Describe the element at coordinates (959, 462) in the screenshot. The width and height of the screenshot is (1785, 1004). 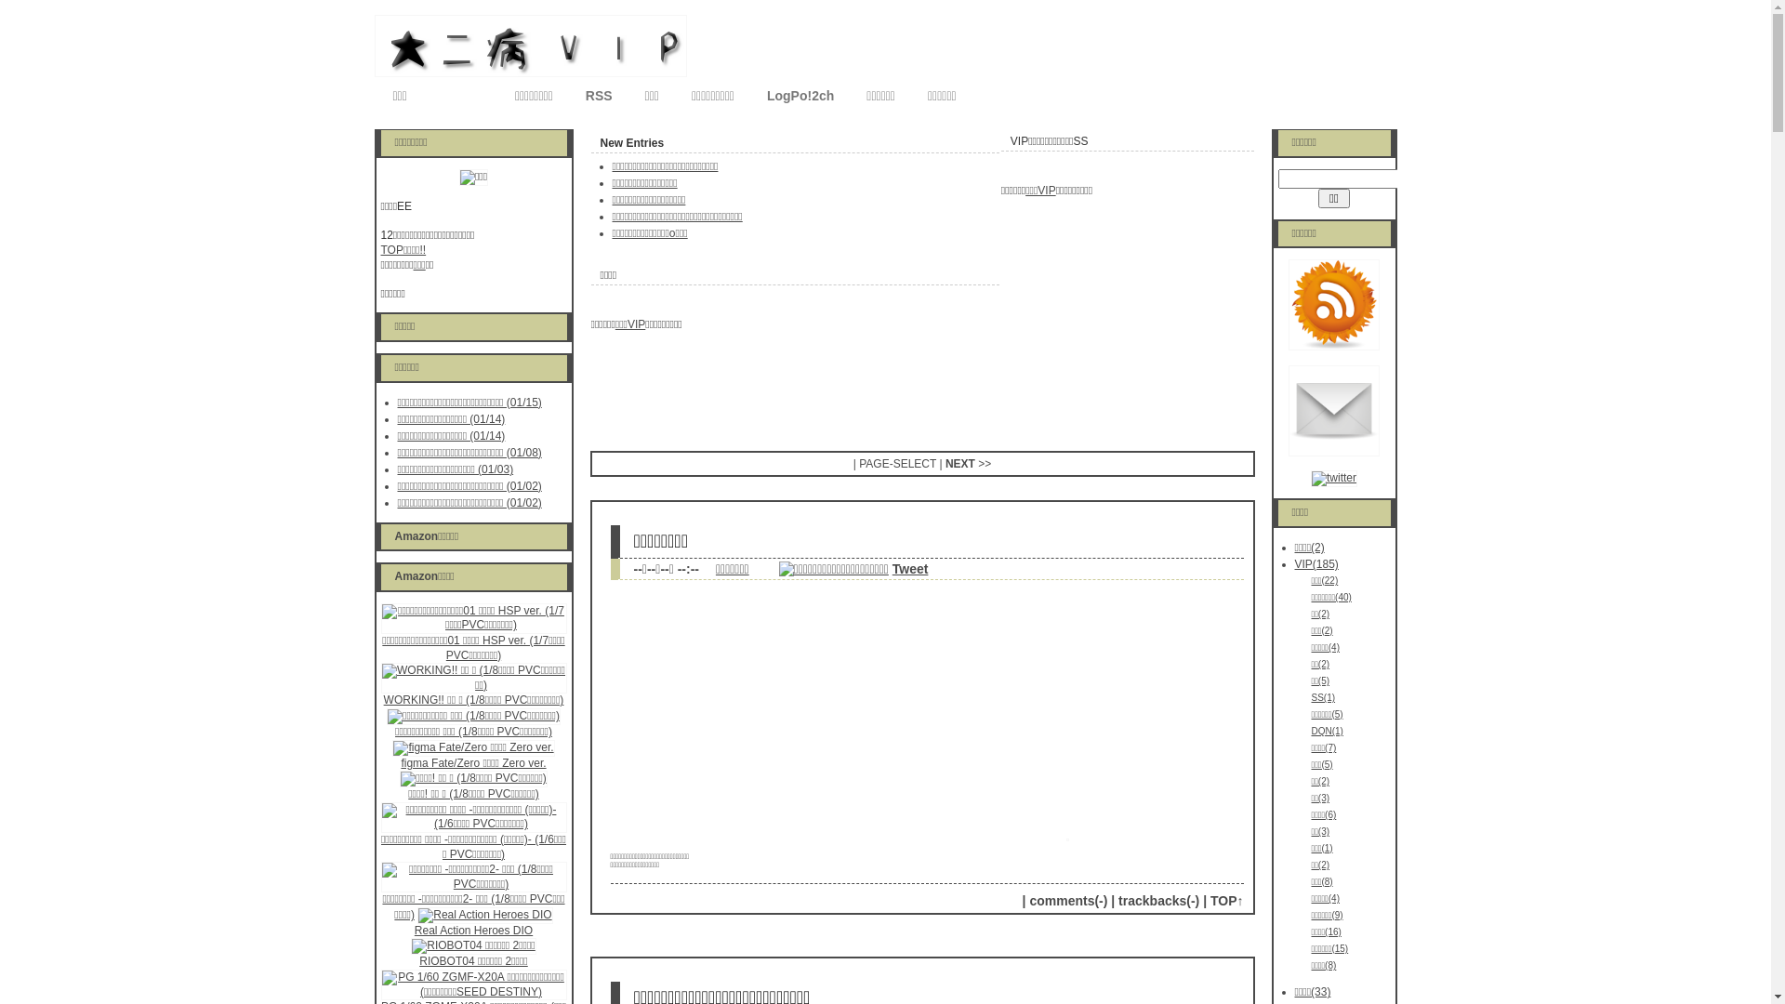
I see `'NEXT'` at that location.